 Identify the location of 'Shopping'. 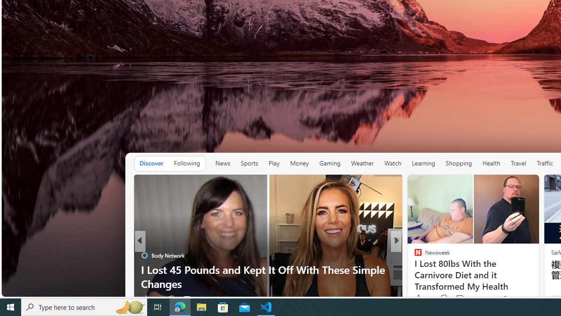
(458, 163).